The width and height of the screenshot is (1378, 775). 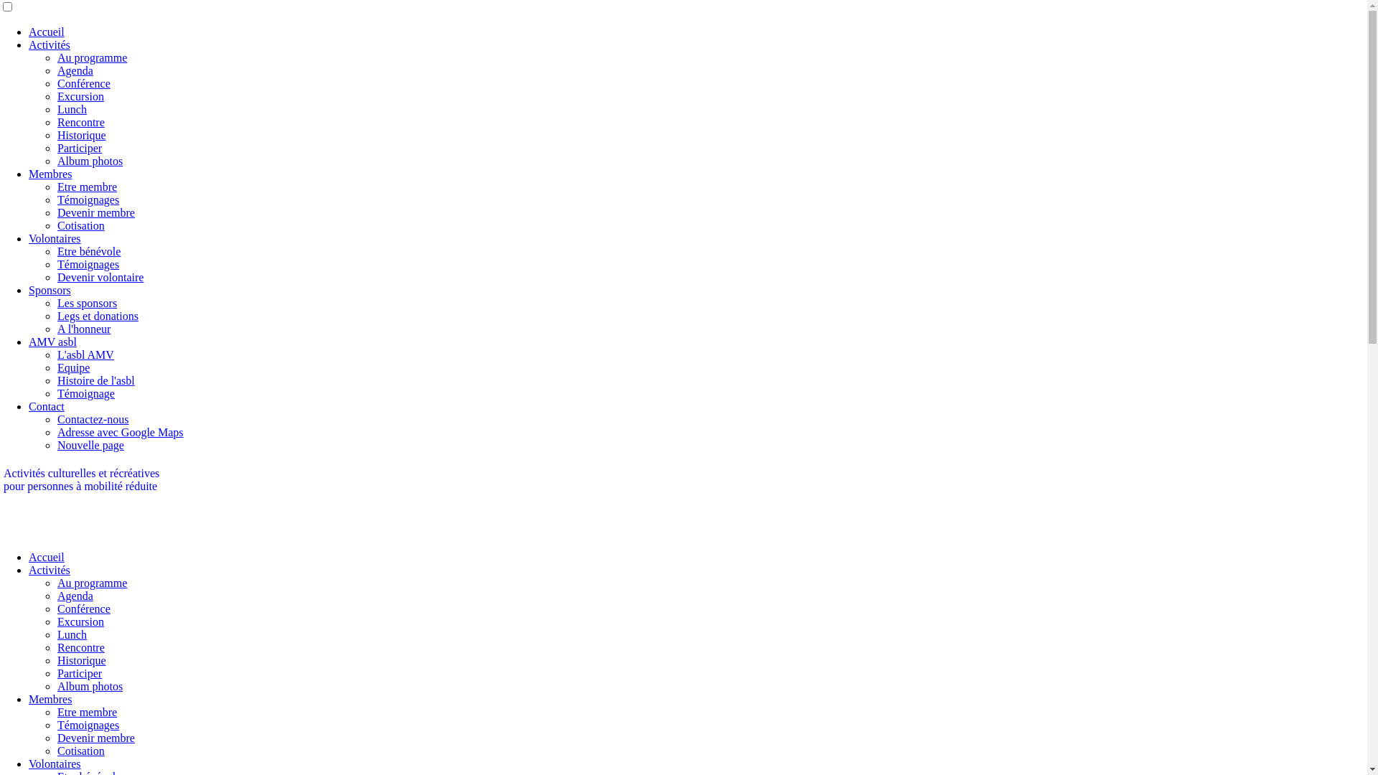 I want to click on 'Devenir volontaire', so click(x=99, y=277).